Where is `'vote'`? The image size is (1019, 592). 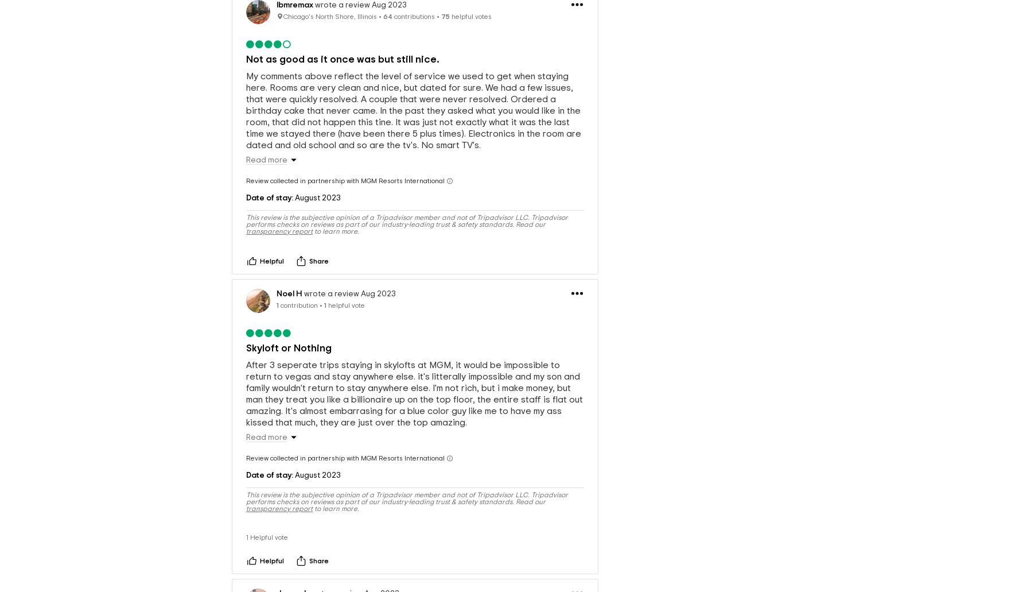
'vote' is located at coordinates (281, 518).